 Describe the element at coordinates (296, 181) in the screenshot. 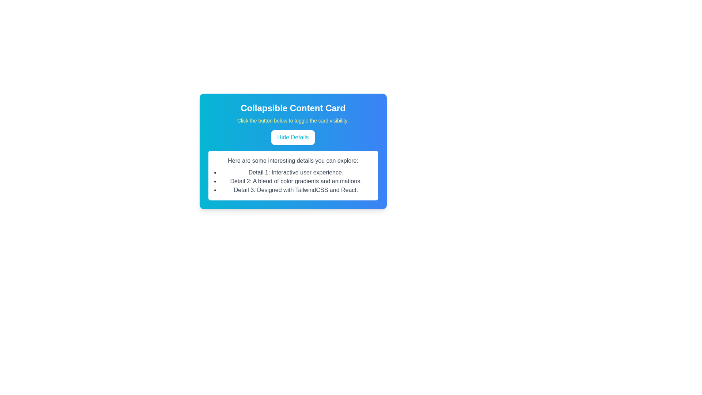

I see `the text element displaying 'Detail 2: A blend of color gradients and animations.' which is the second list item in a group of related details` at that location.